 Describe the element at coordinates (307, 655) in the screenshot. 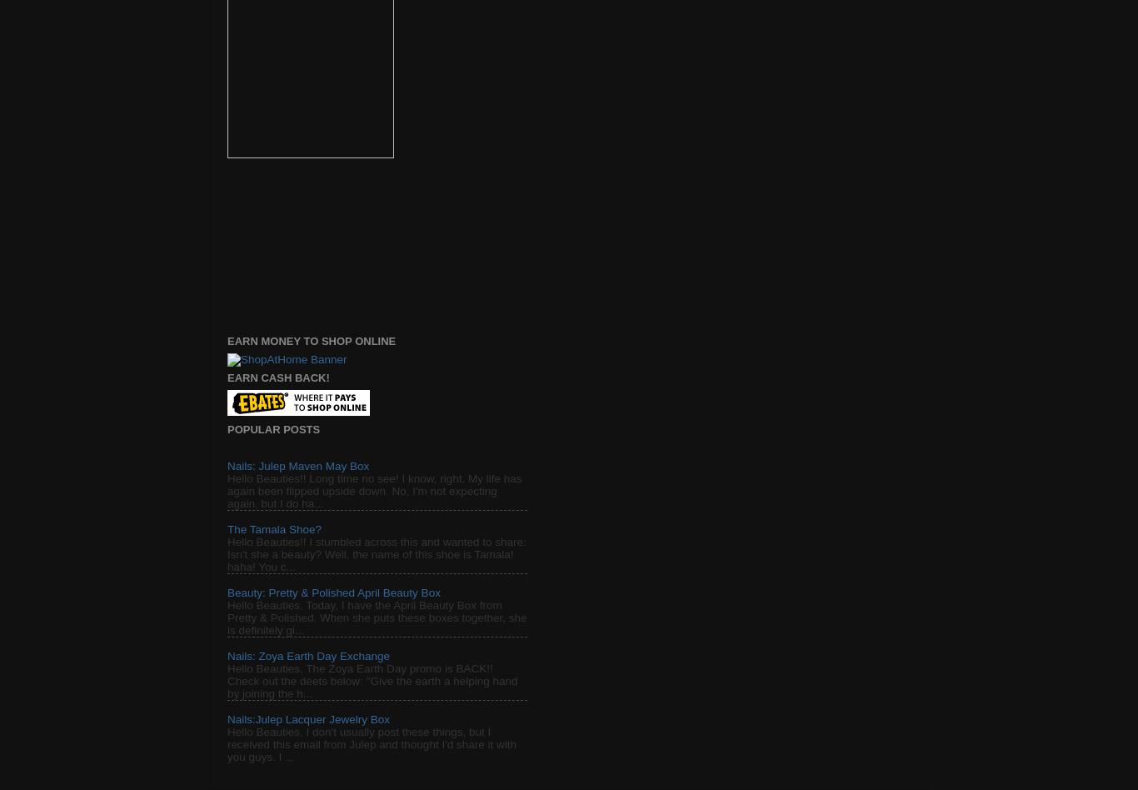

I see `'Nails: Zoya Earth Day Exchange'` at that location.